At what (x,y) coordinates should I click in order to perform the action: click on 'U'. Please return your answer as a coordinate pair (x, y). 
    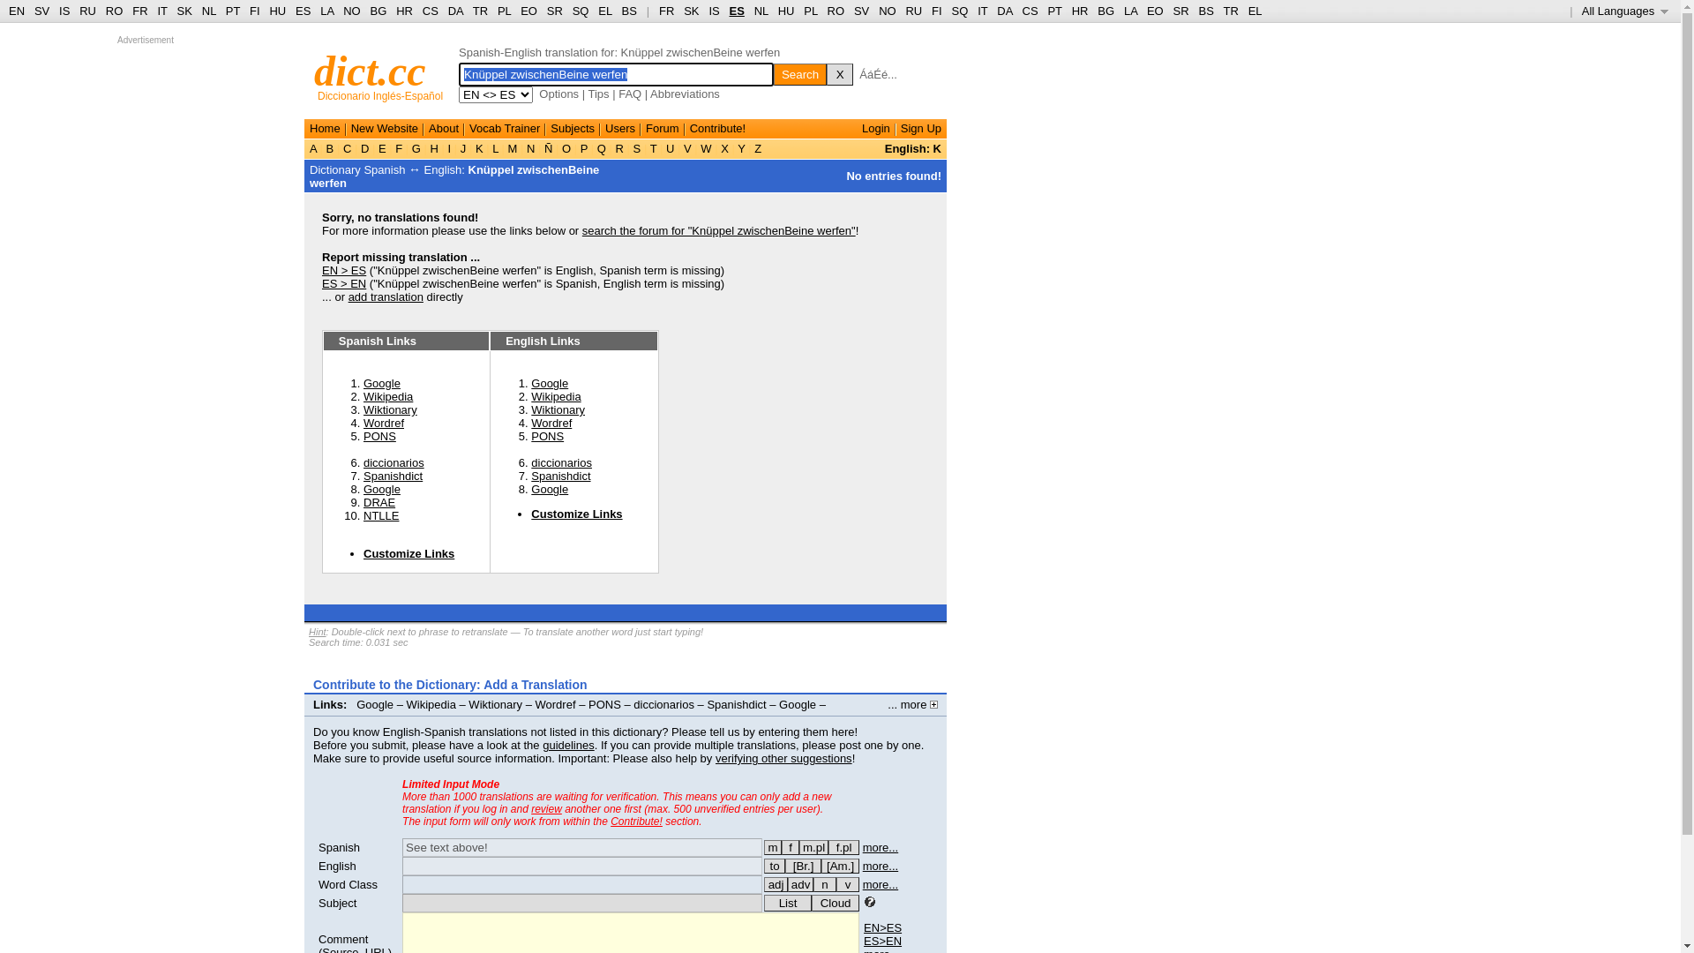
    Looking at the image, I should click on (669, 147).